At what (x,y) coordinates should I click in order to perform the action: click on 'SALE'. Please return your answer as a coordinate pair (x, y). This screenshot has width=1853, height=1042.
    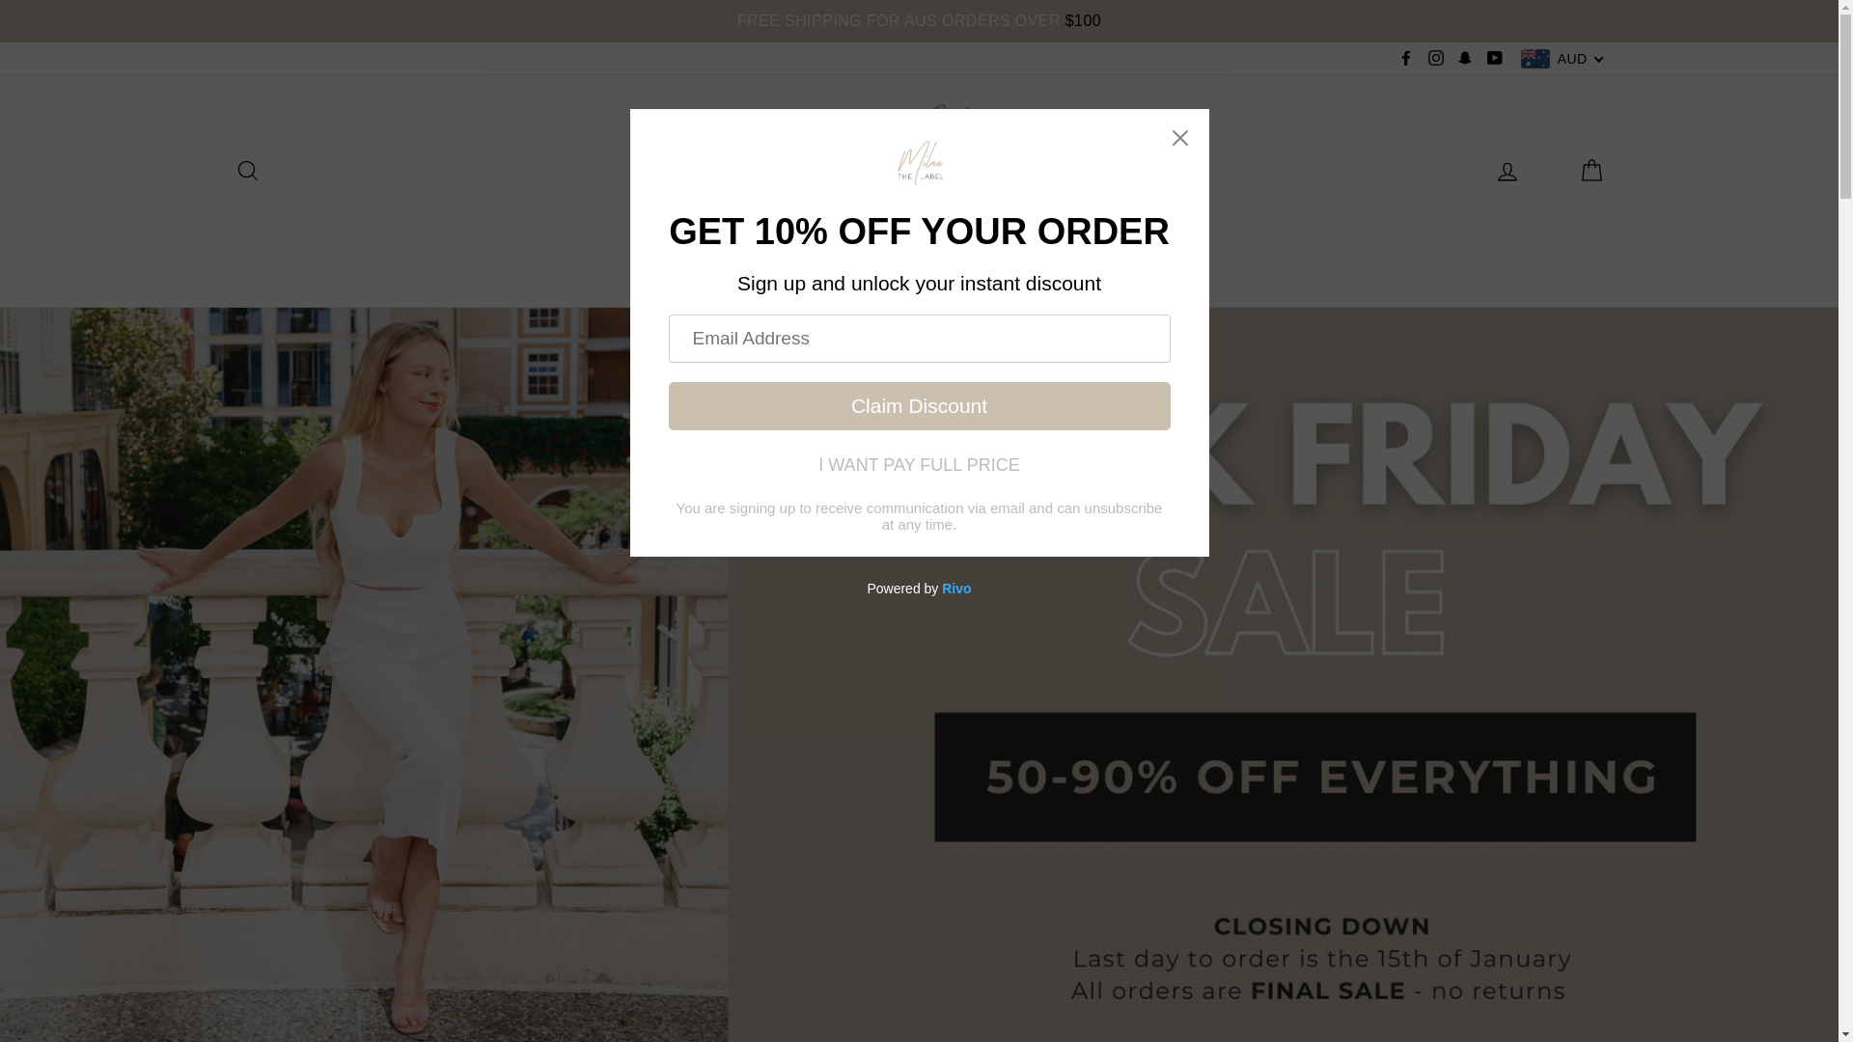
    Looking at the image, I should click on (944, 266).